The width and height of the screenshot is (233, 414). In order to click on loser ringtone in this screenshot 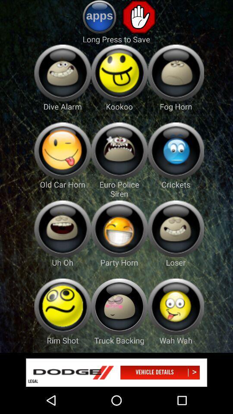, I will do `click(175, 228)`.